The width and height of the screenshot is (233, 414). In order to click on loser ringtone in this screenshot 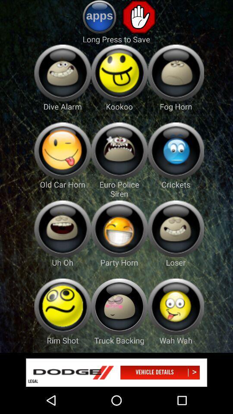, I will do `click(175, 228)`.